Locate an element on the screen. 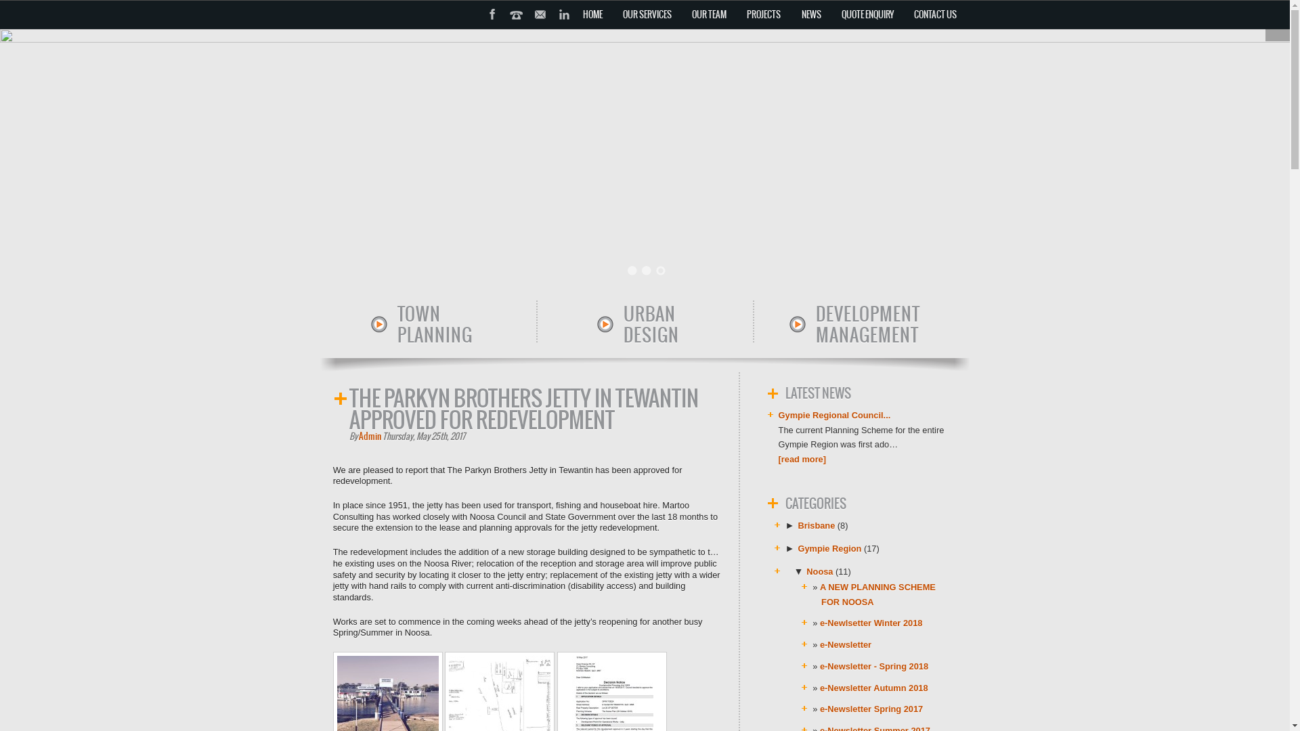  'Brisbane' is located at coordinates (798, 525).